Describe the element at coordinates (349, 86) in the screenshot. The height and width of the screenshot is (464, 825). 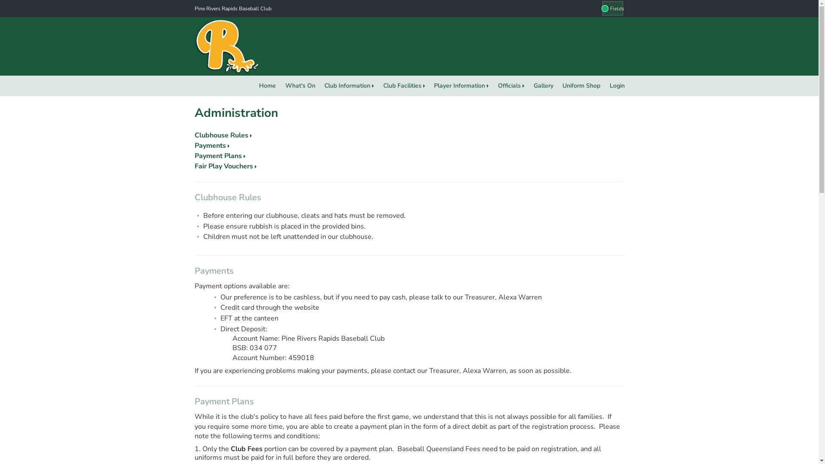
I see `'Club Information'` at that location.